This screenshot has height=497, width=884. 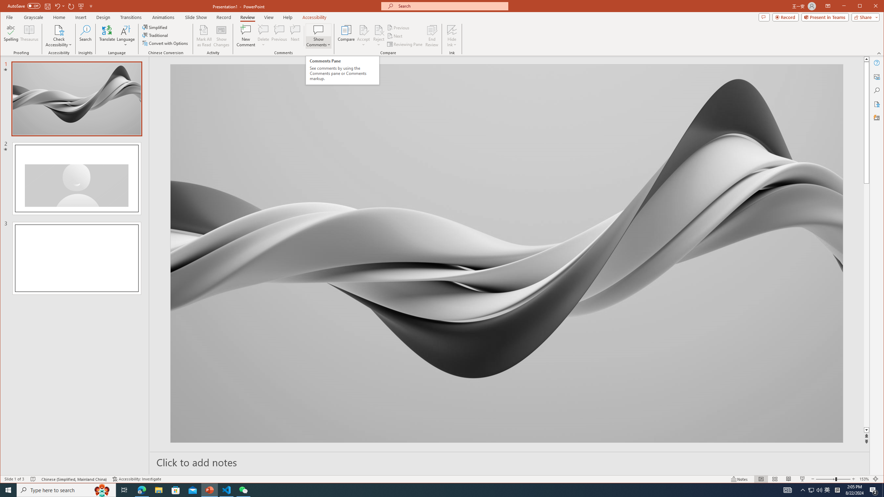 I want to click on 'Show Changes', so click(x=221, y=36).